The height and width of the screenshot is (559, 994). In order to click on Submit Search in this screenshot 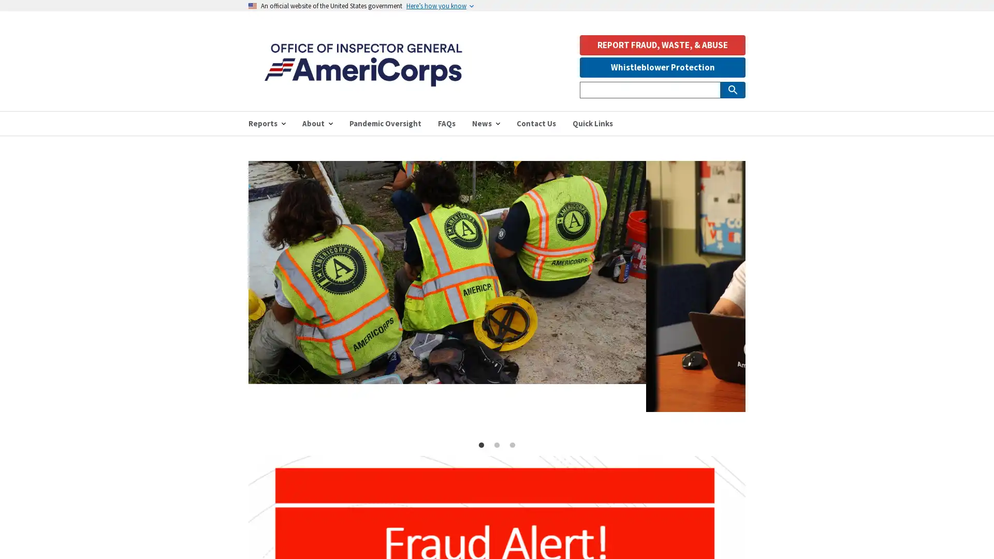, I will do `click(733, 89)`.